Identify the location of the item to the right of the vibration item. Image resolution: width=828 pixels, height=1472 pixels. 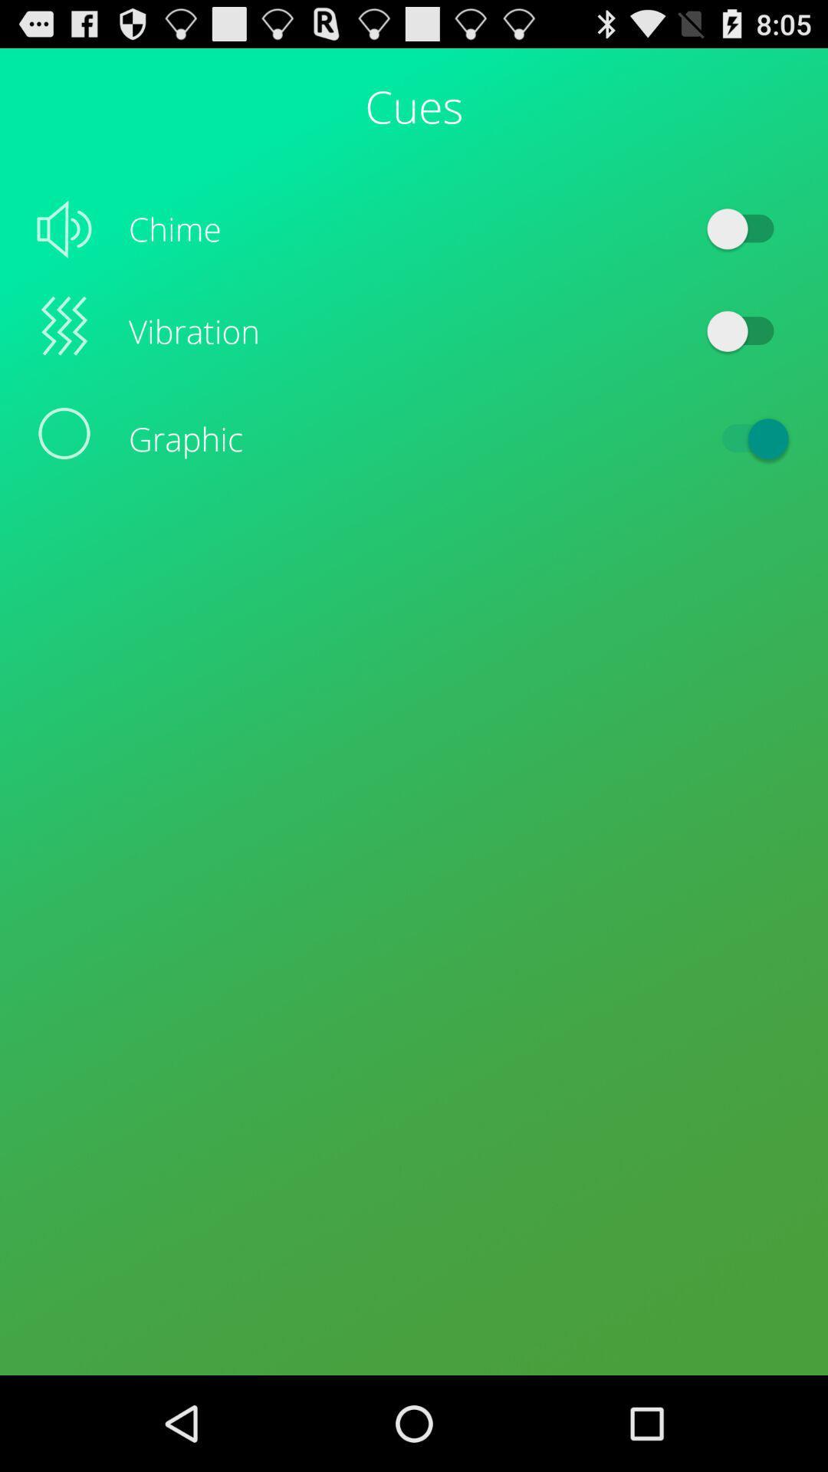
(747, 330).